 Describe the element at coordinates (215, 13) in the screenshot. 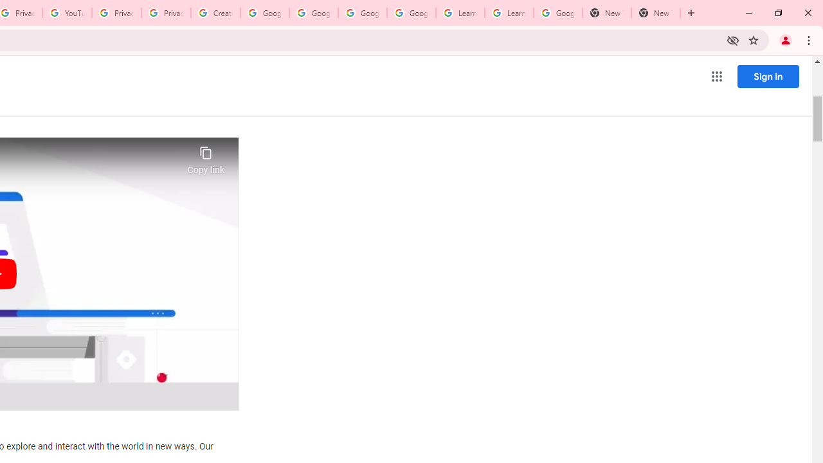

I see `'Create your Google Account'` at that location.